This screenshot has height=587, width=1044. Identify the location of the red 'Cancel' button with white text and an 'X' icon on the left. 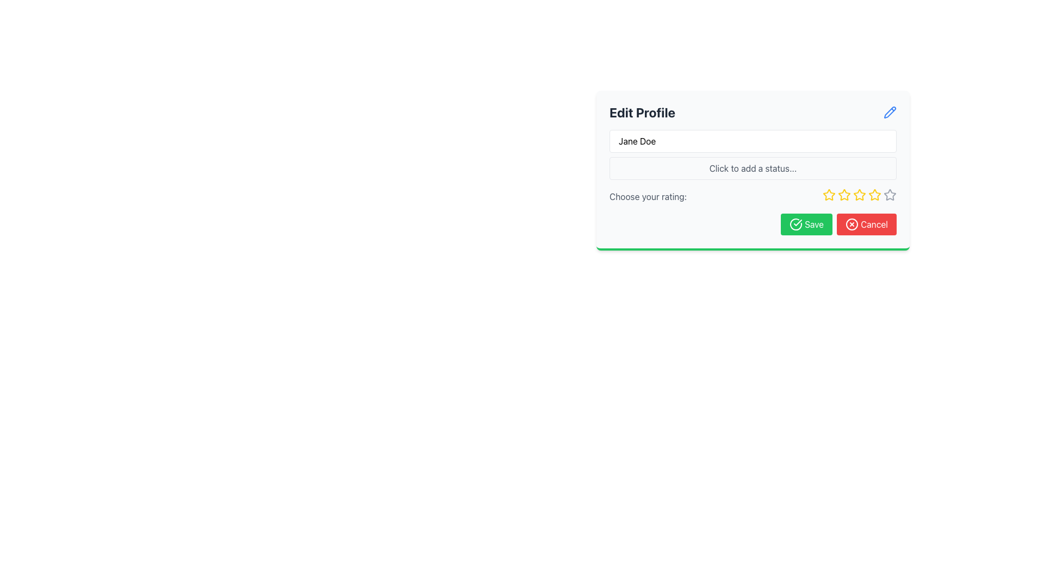
(866, 223).